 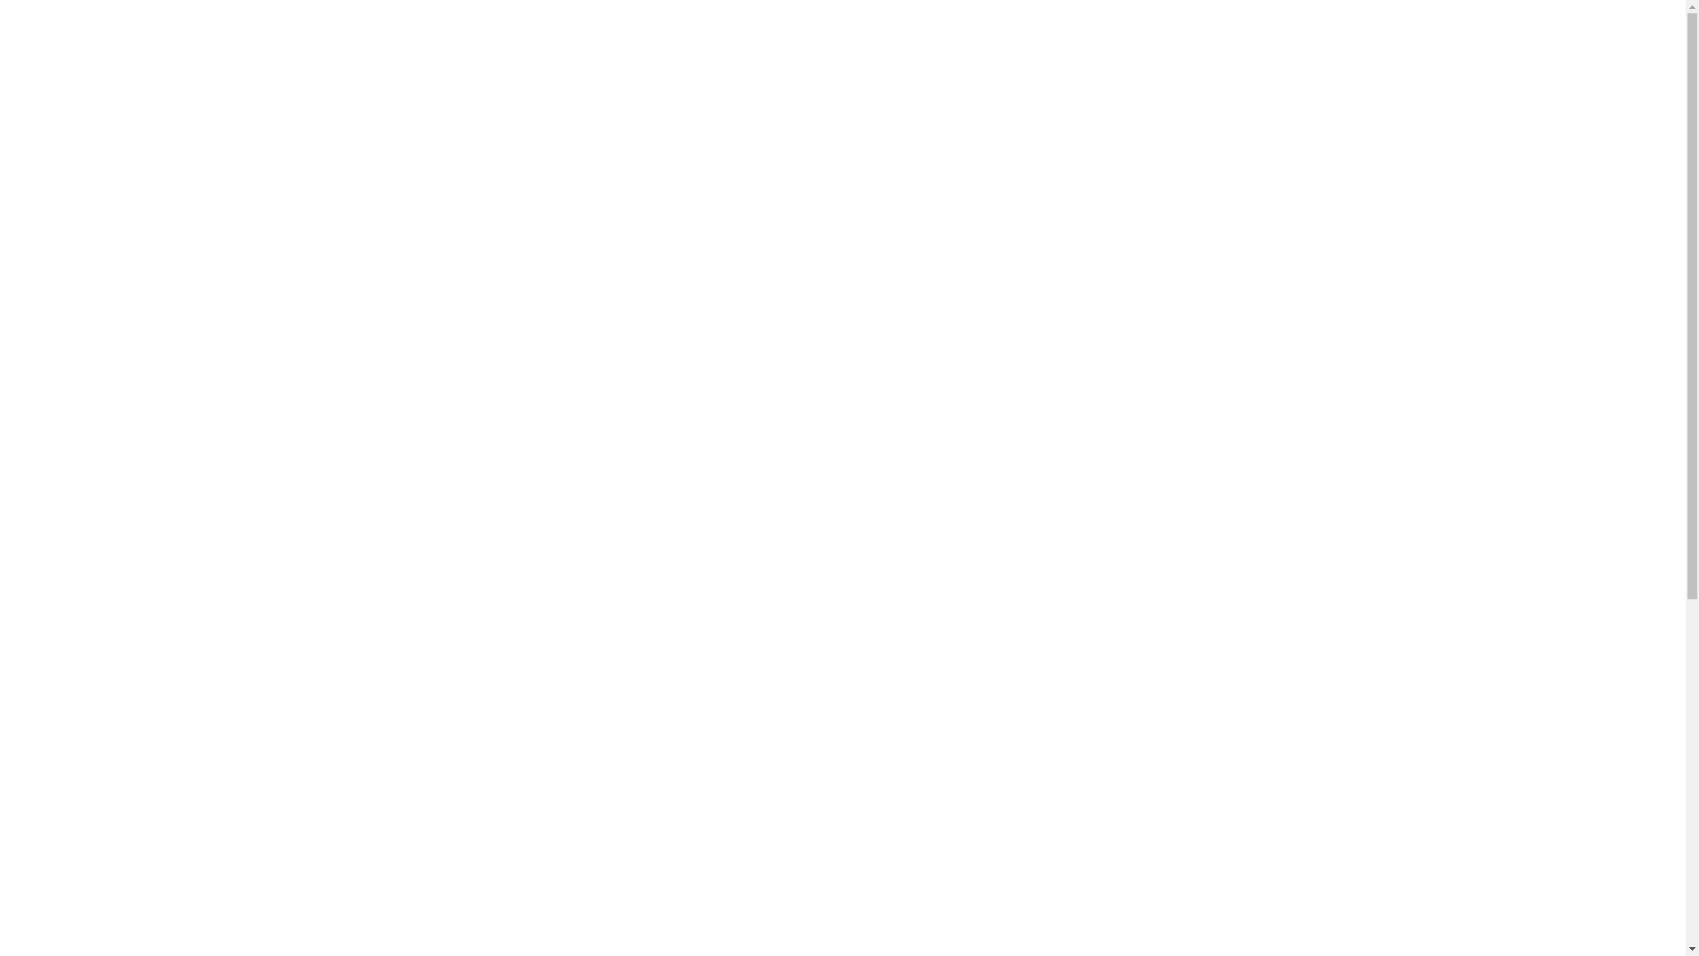 What do you see at coordinates (7, 14) in the screenshot?
I see `'Account Login'` at bounding box center [7, 14].